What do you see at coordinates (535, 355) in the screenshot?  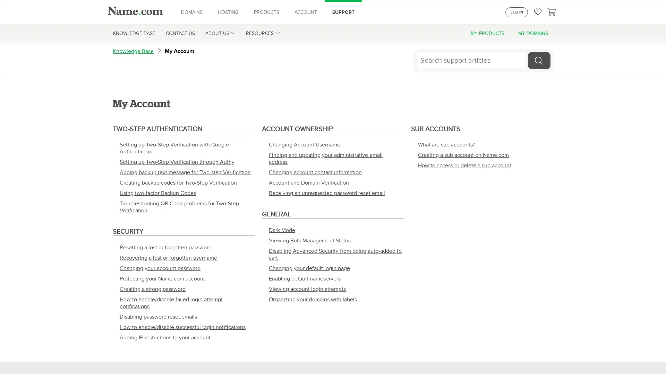 I see `Accept All Cookies` at bounding box center [535, 355].